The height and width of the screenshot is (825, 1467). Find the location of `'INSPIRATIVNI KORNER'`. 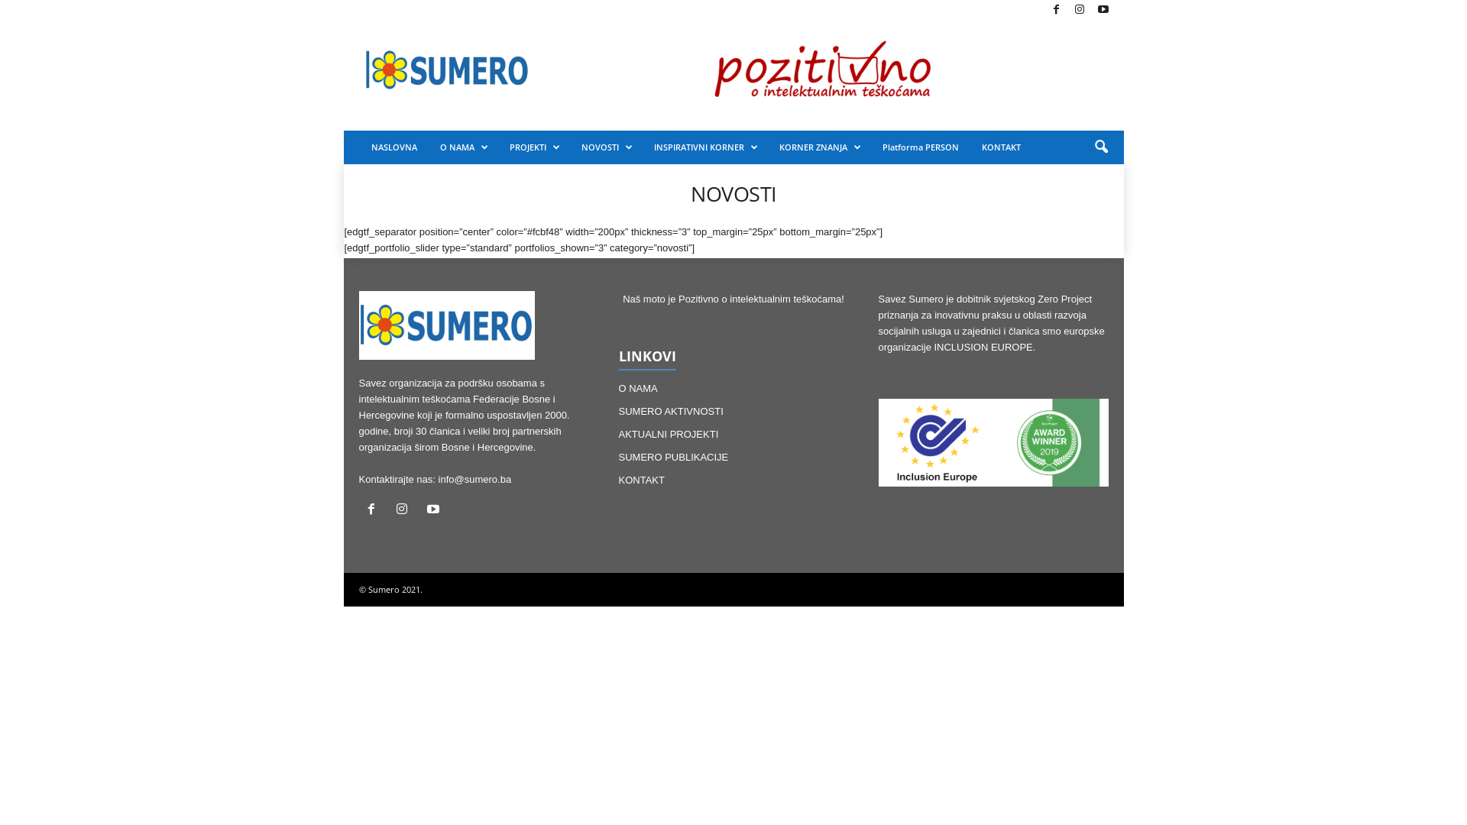

'INSPIRATIVNI KORNER' is located at coordinates (703, 147).